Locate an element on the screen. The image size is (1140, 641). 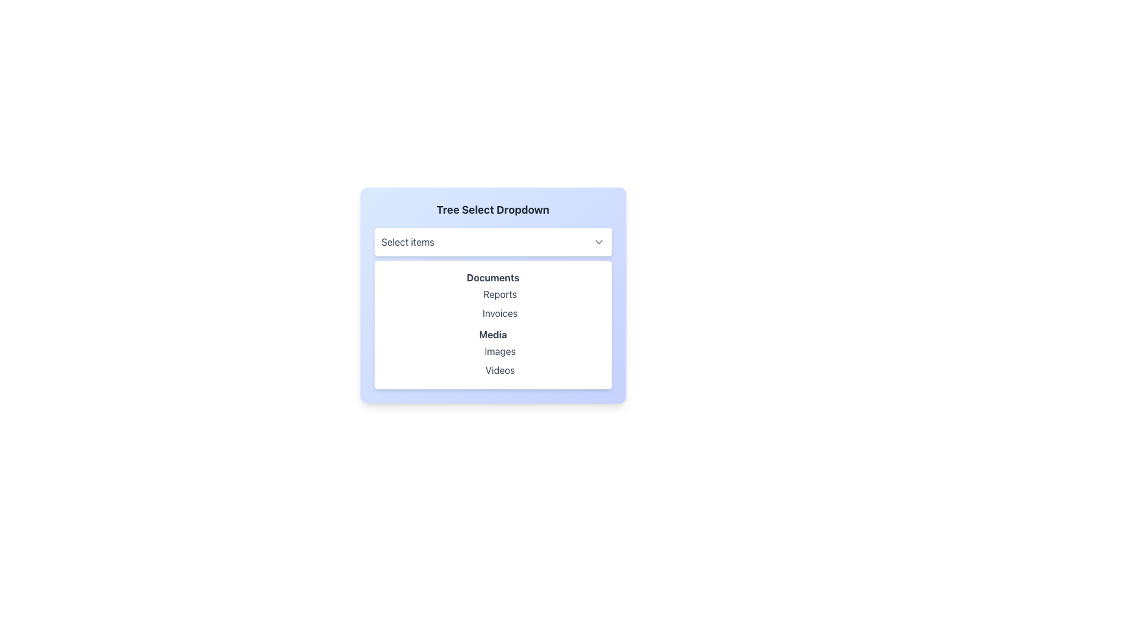
the 'Select items' dropdown button is located at coordinates (493, 242).